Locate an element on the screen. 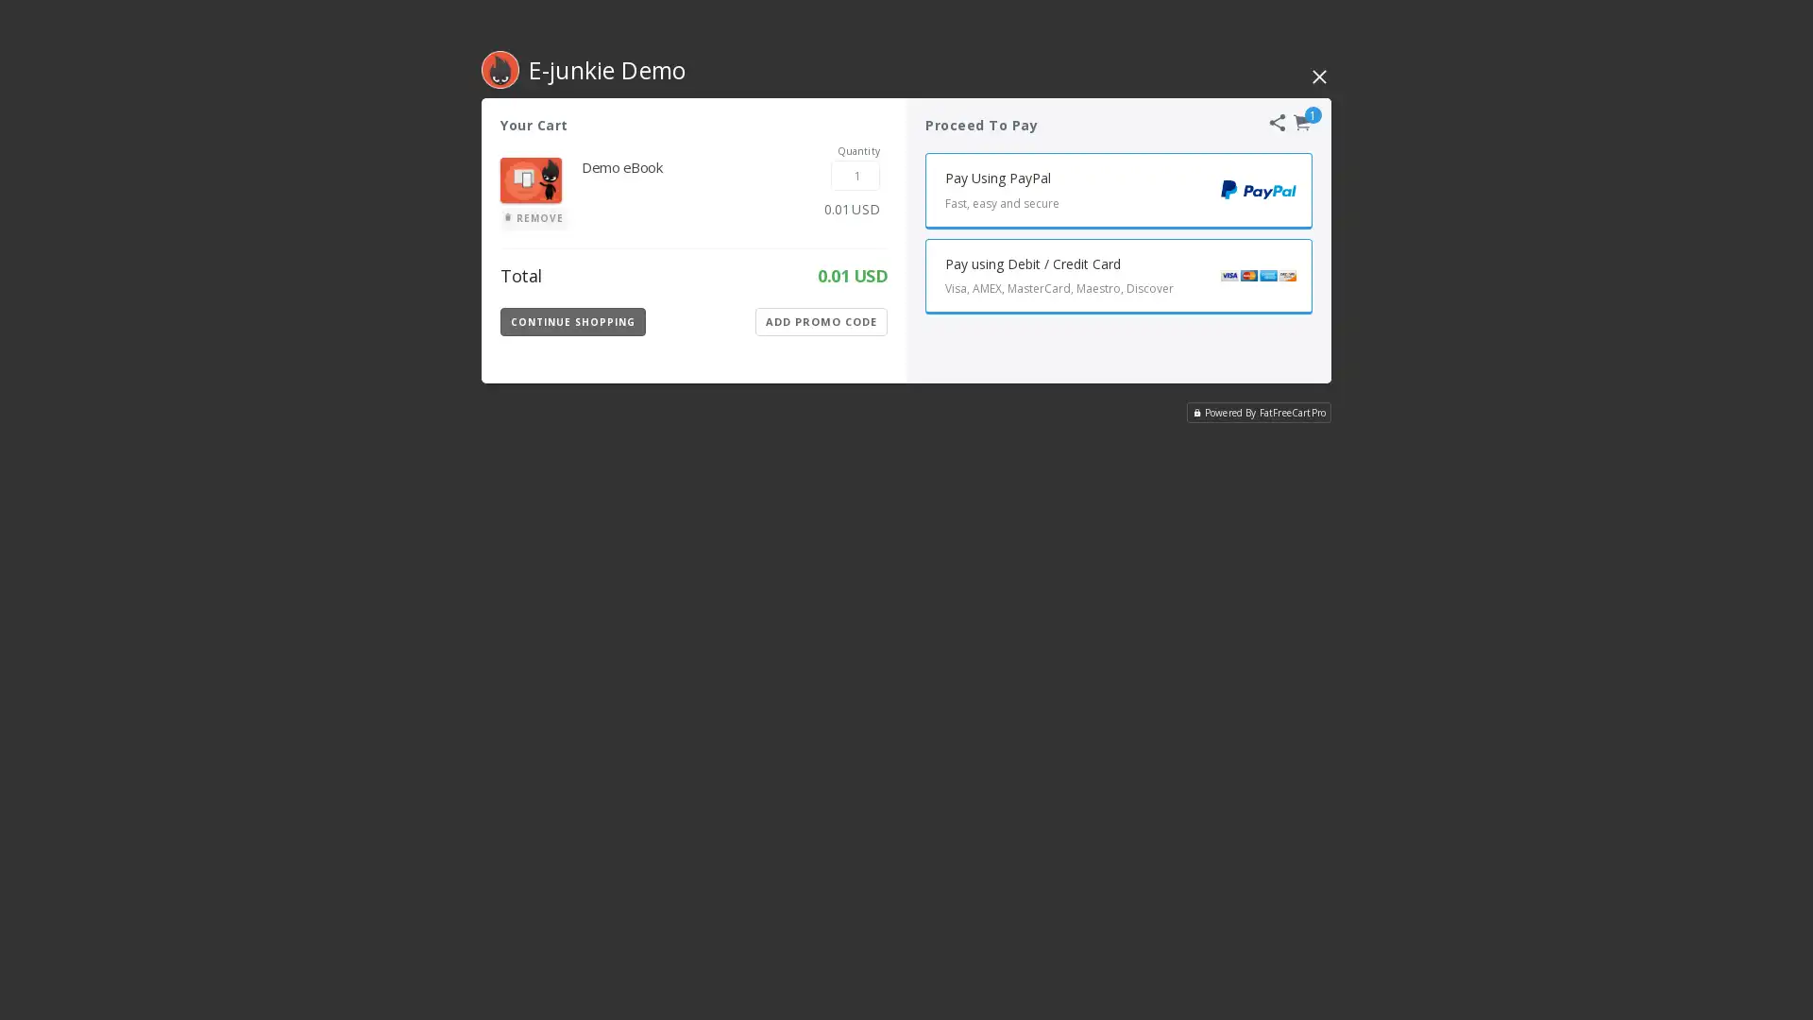  Pay using Debit / Credit Card Visa, AMEX, MasterCard, Maestro, Discover is located at coordinates (1119, 276).